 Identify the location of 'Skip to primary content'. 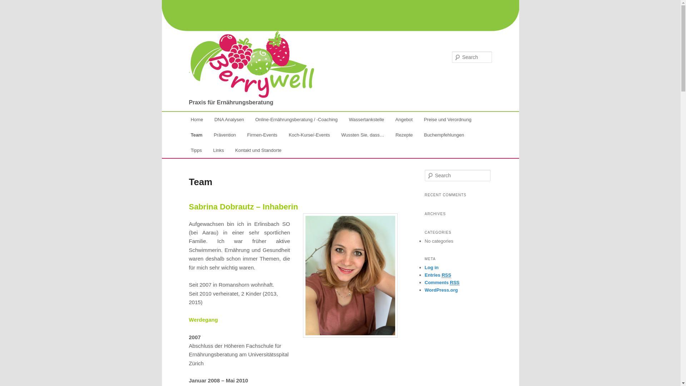
(189, 120).